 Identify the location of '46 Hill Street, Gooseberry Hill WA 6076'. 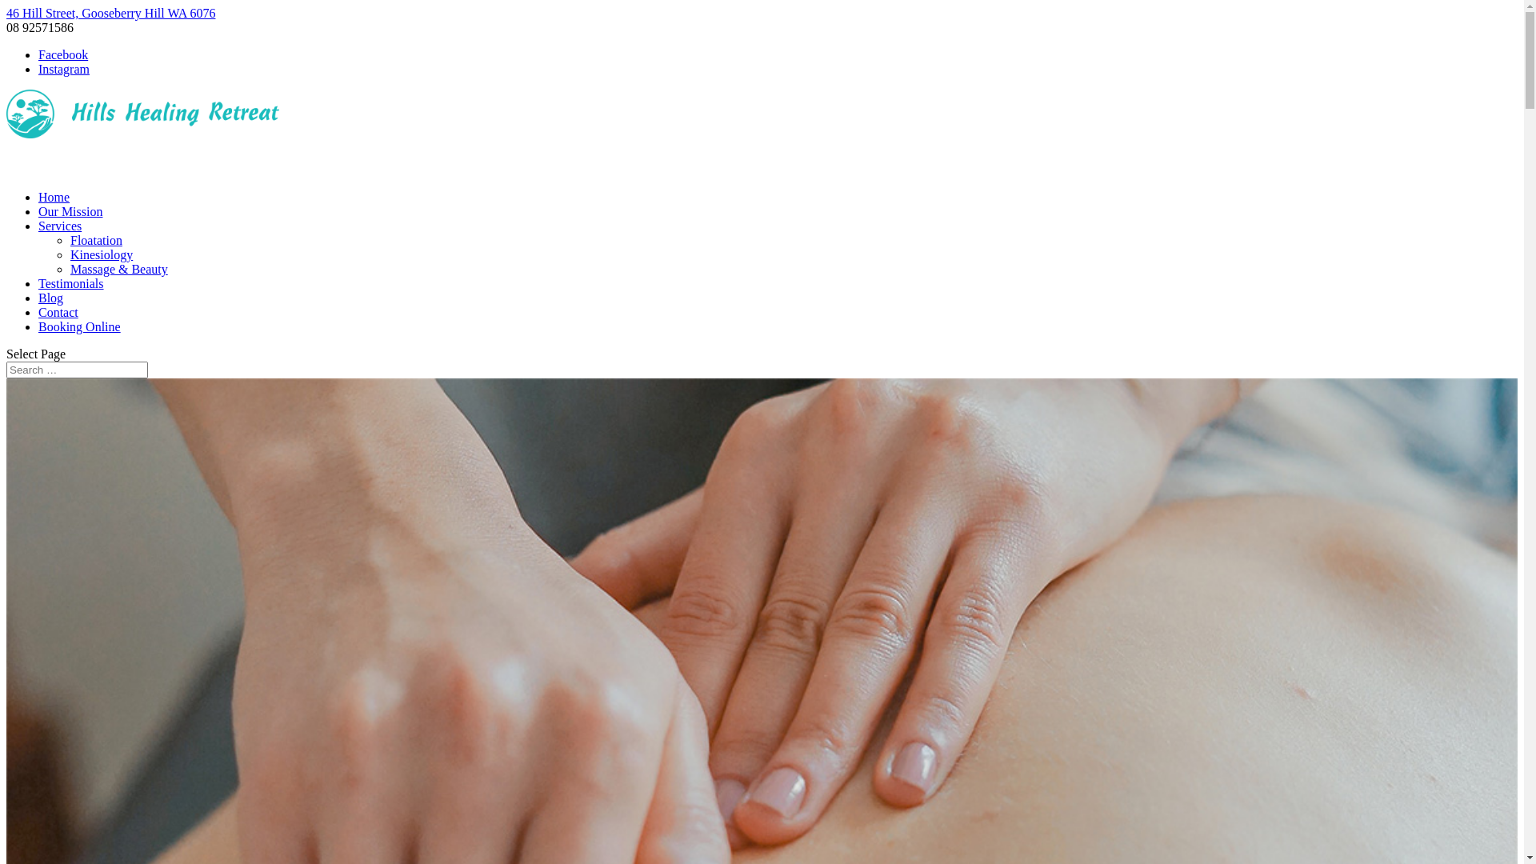
(110, 13).